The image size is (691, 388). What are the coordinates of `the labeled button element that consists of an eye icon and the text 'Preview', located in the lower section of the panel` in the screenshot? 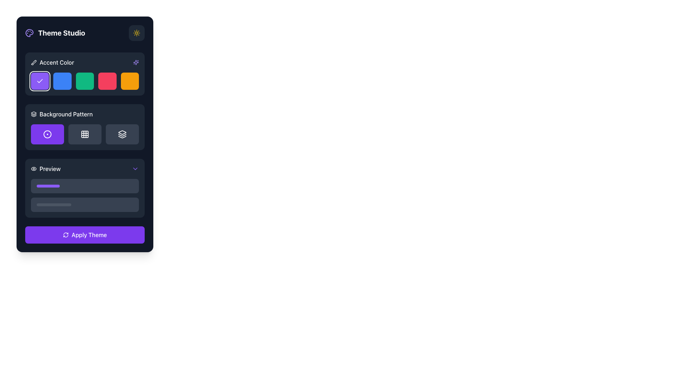 It's located at (45, 169).